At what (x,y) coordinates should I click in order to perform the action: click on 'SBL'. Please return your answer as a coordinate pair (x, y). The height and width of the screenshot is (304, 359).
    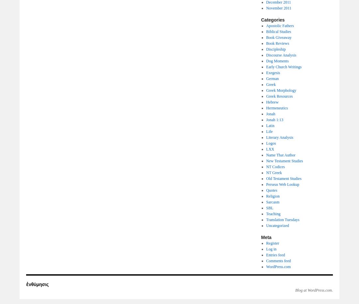
    Looking at the image, I should click on (269, 208).